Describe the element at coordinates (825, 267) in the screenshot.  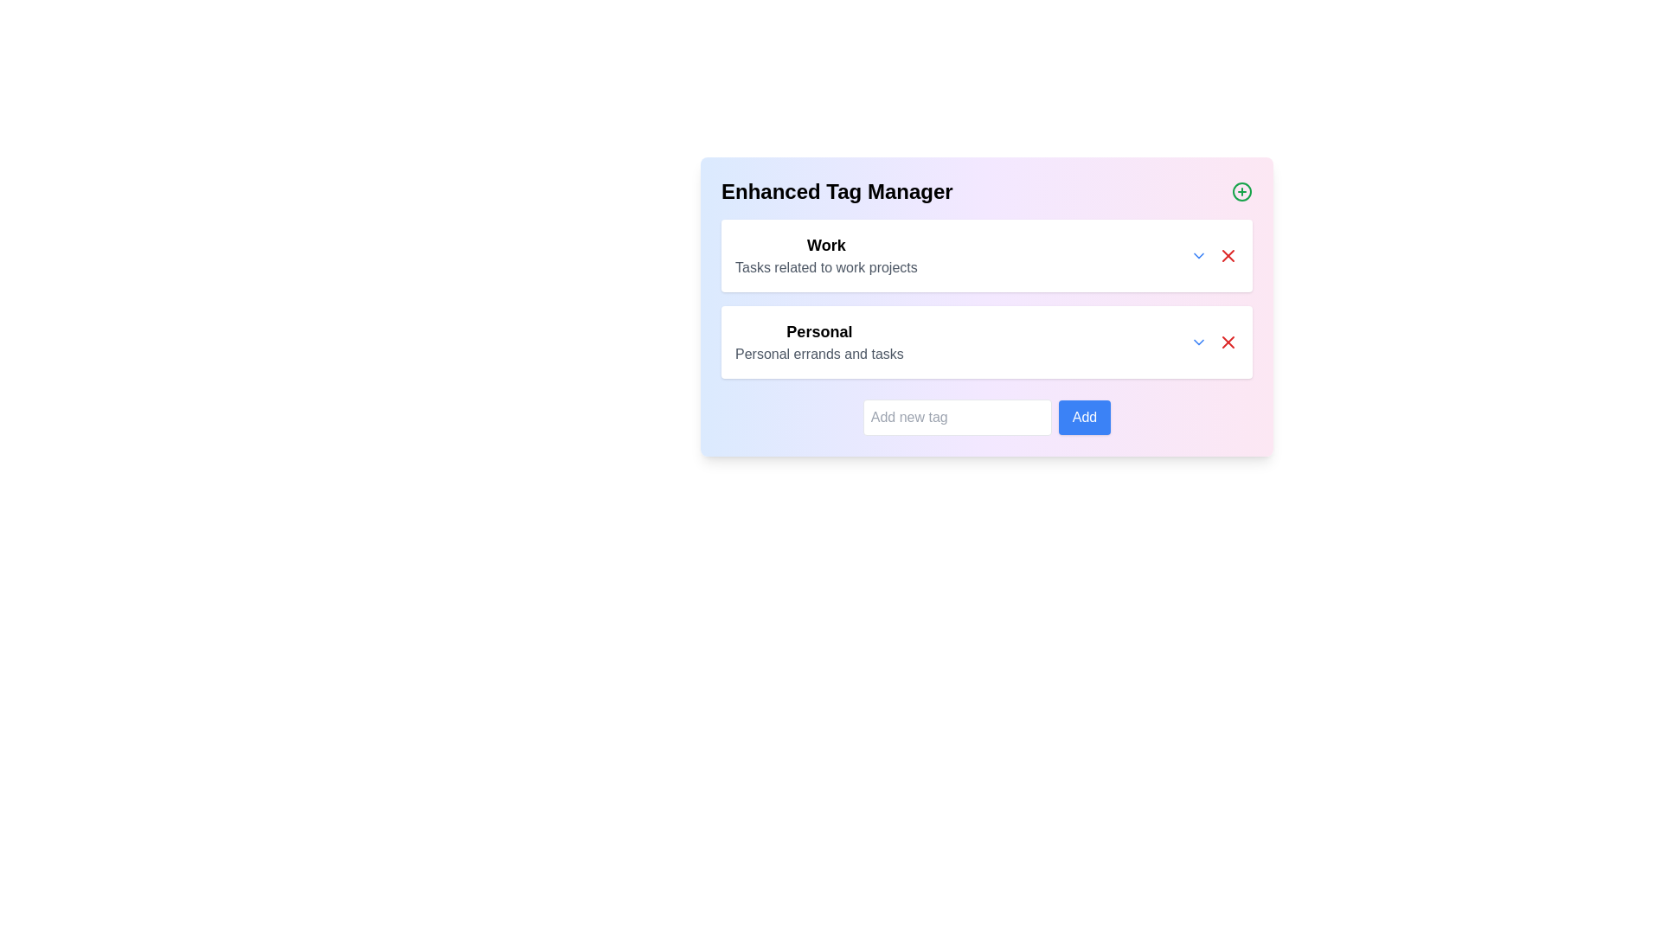
I see `the Text Label displaying 'Tasks related to work projects', which is located beneath the title 'Work' in the card-like interface` at that location.